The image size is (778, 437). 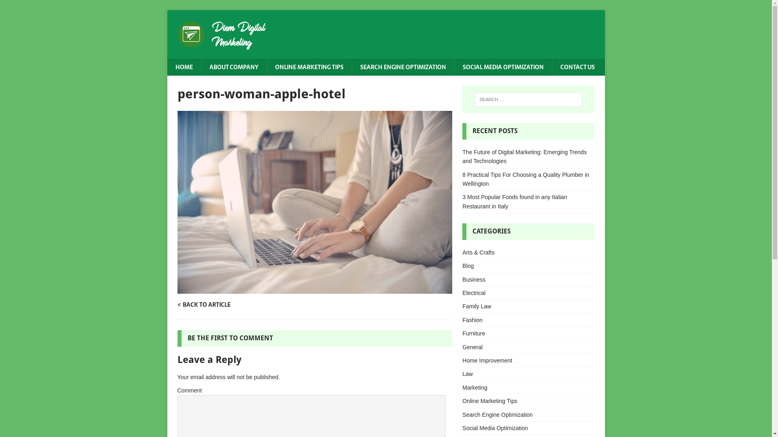 What do you see at coordinates (309, 66) in the screenshot?
I see `'ONLINE MARKETING TIPS'` at bounding box center [309, 66].